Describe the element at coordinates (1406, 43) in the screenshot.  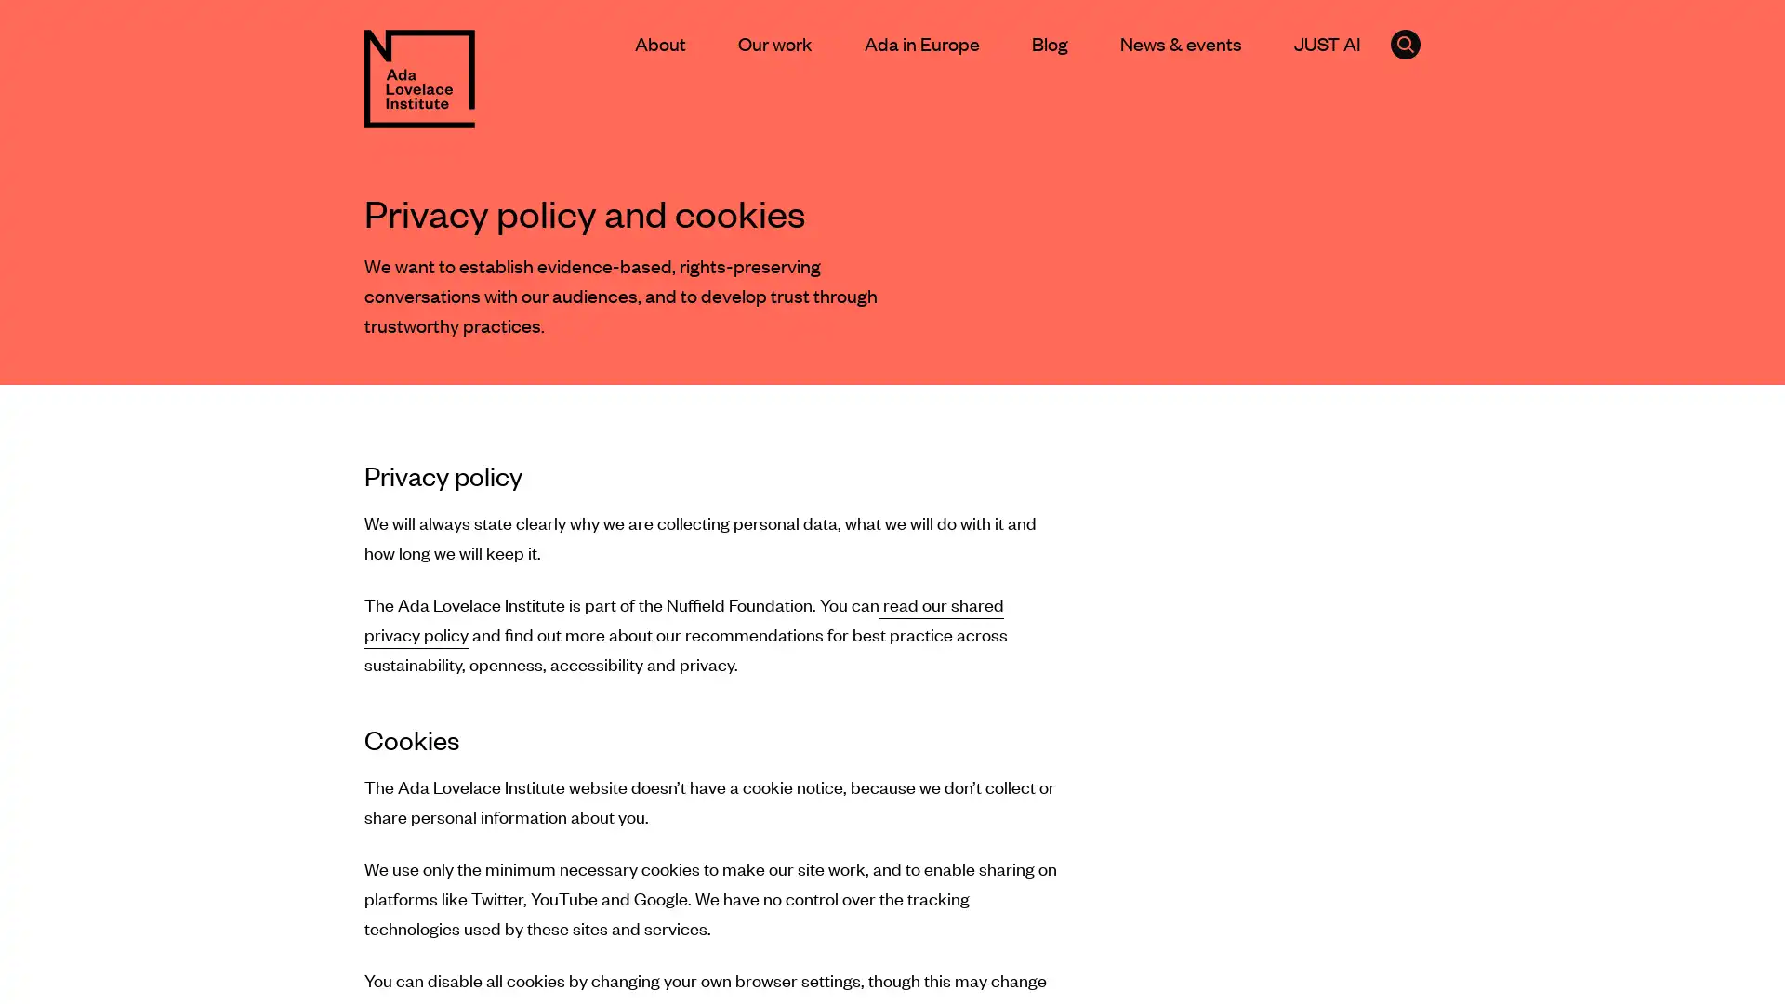
I see `Click to open the search form` at that location.